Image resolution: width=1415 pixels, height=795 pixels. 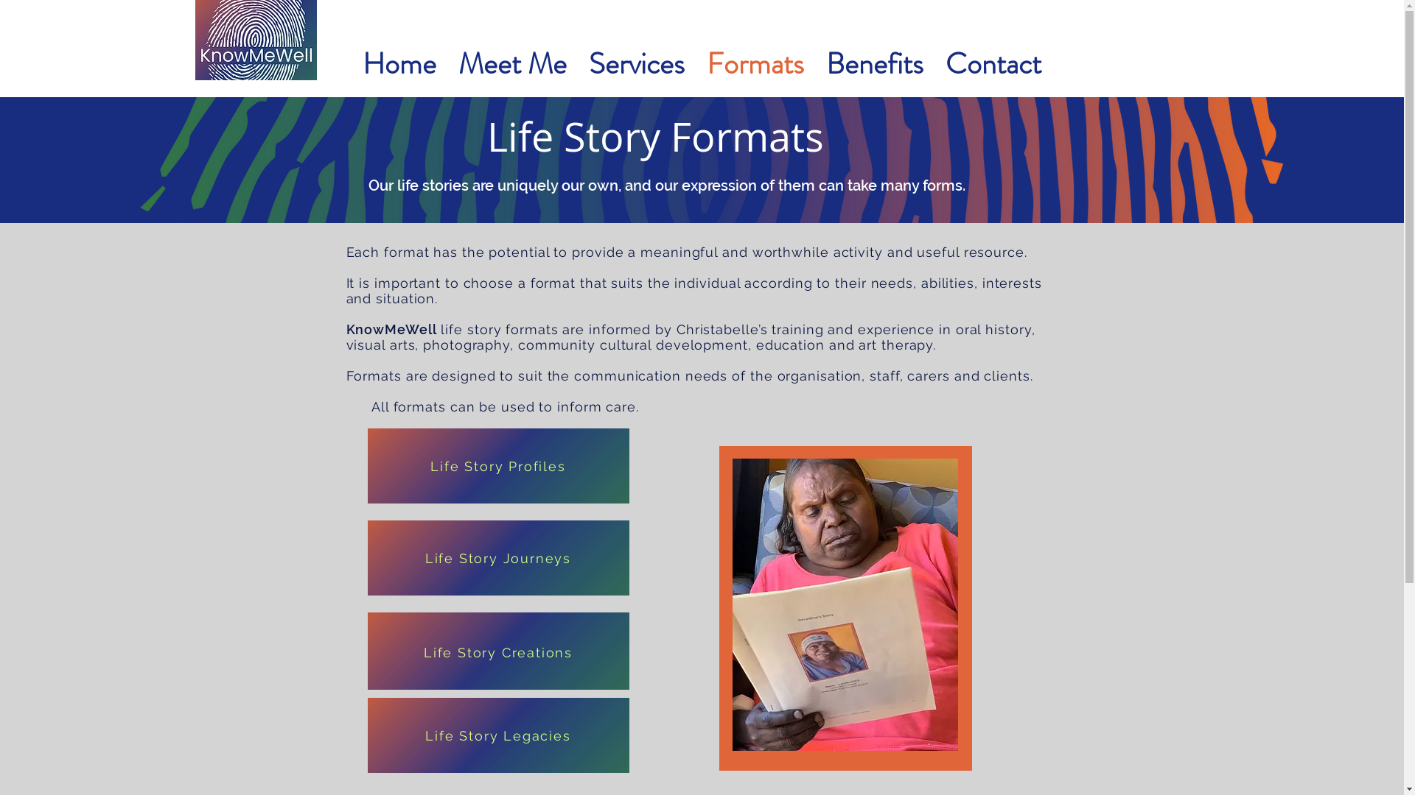 I want to click on 'Benefits', so click(x=874, y=63).